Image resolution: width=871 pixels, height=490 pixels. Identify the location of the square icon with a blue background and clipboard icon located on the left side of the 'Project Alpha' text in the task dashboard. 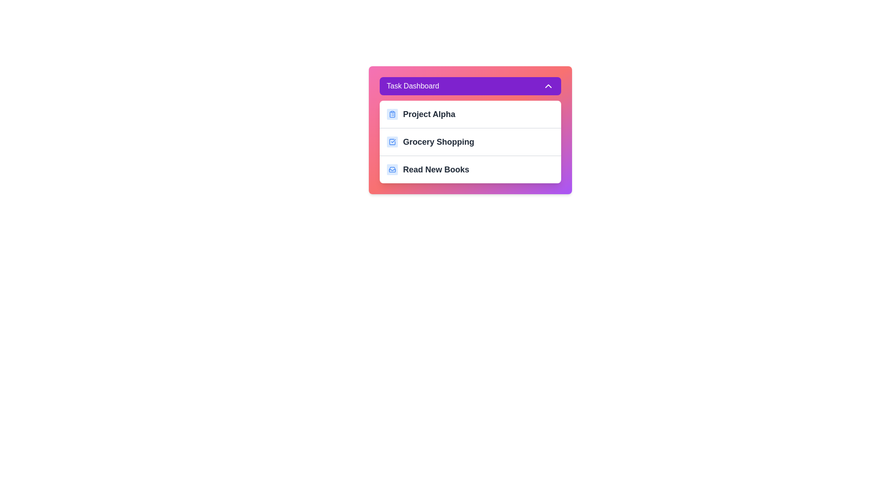
(392, 113).